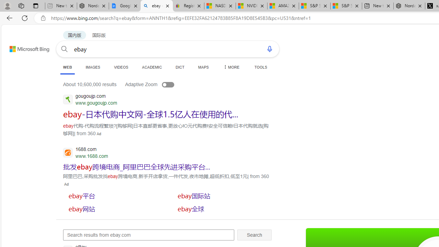 This screenshot has height=247, width=439. Describe the element at coordinates (92, 67) in the screenshot. I see `'IMAGES'` at that location.